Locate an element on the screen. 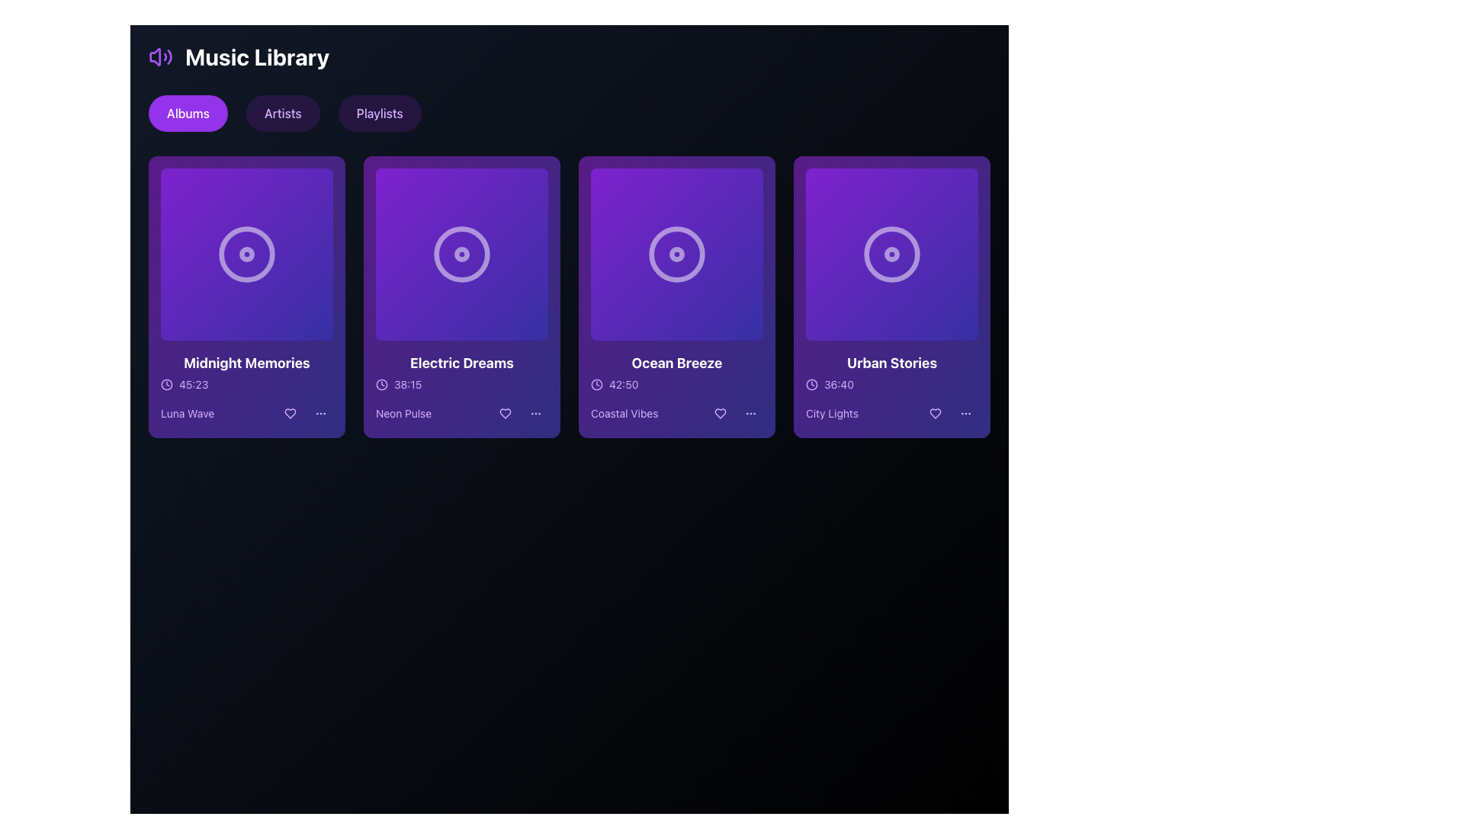  the heart-shaped button outlined in purple, located on the card for the music item titled 'Ocean Breeze', to interact with it is located at coordinates (720, 414).